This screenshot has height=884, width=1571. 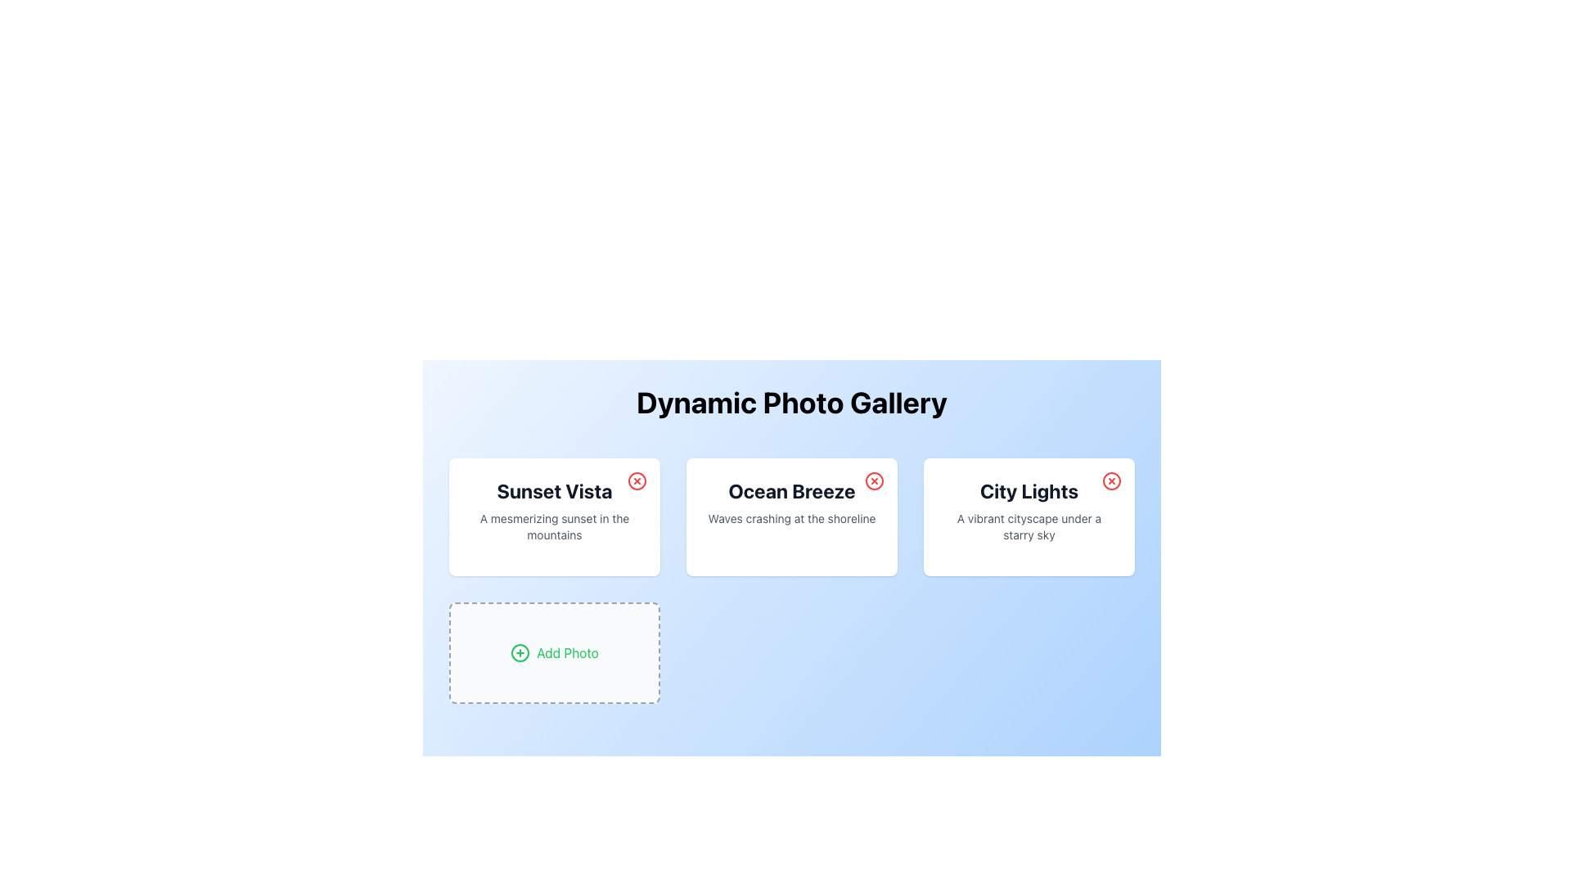 What do you see at coordinates (554, 490) in the screenshot?
I see `the 'Sunset Vista' text label, which is displayed in large, bold, black font within the first card of a row of three cards` at bounding box center [554, 490].